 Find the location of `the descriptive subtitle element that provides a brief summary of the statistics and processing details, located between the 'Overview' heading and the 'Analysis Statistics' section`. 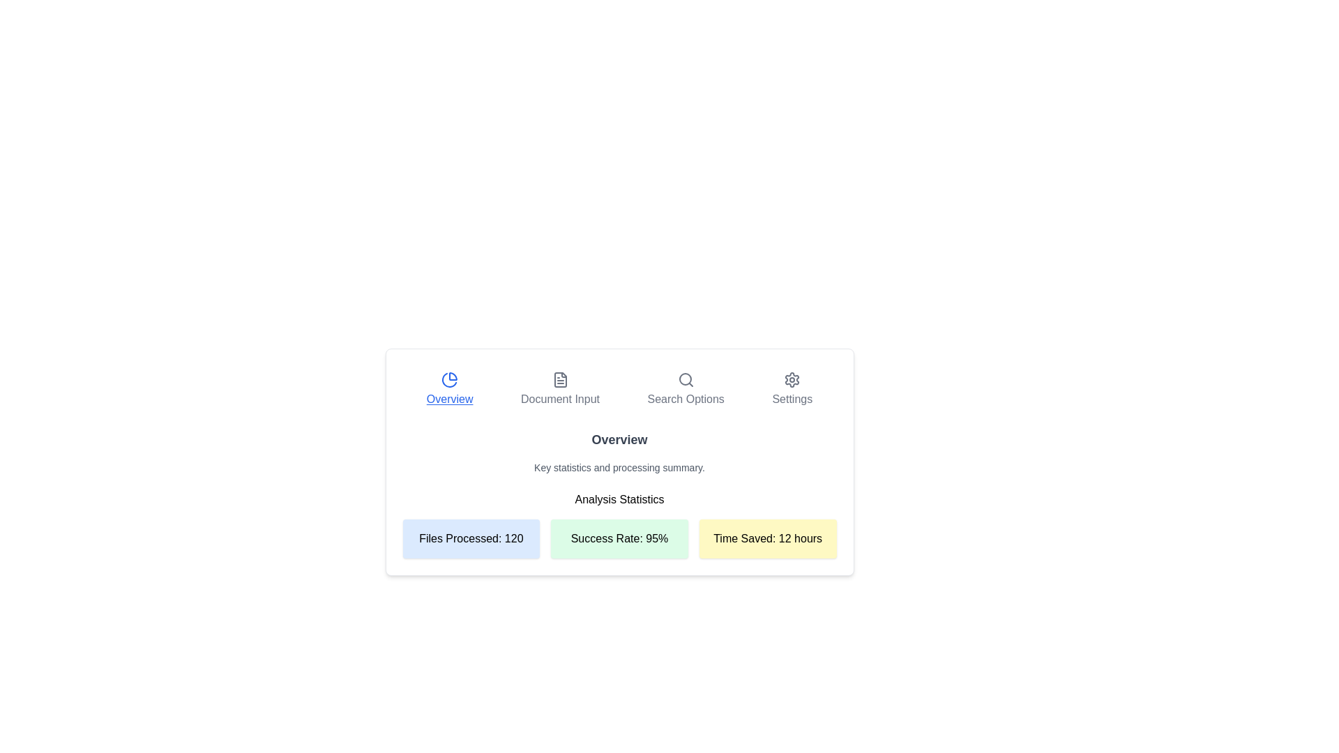

the descriptive subtitle element that provides a brief summary of the statistics and processing details, located between the 'Overview' heading and the 'Analysis Statistics' section is located at coordinates (619, 468).